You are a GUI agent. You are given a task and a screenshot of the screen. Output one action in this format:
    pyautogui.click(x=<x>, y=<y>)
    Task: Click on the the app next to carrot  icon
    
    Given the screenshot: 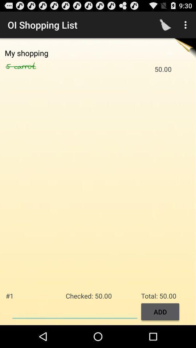 What is the action you would take?
    pyautogui.click(x=9, y=66)
    